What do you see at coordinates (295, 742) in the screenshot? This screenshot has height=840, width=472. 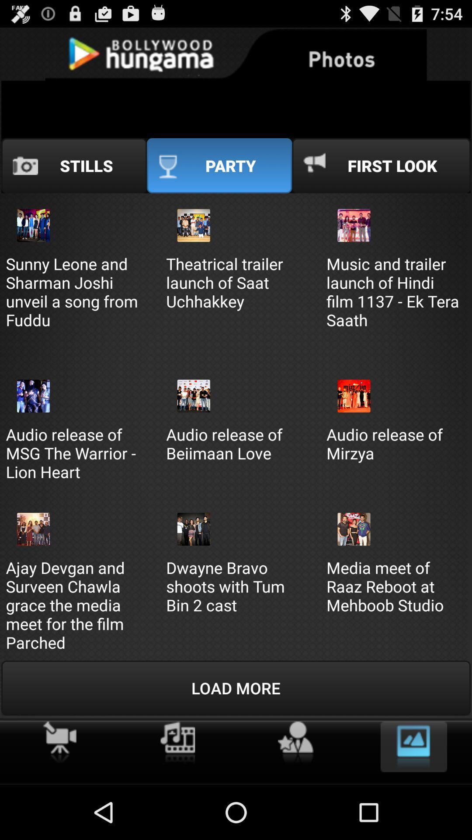 I see `make favourite` at bounding box center [295, 742].